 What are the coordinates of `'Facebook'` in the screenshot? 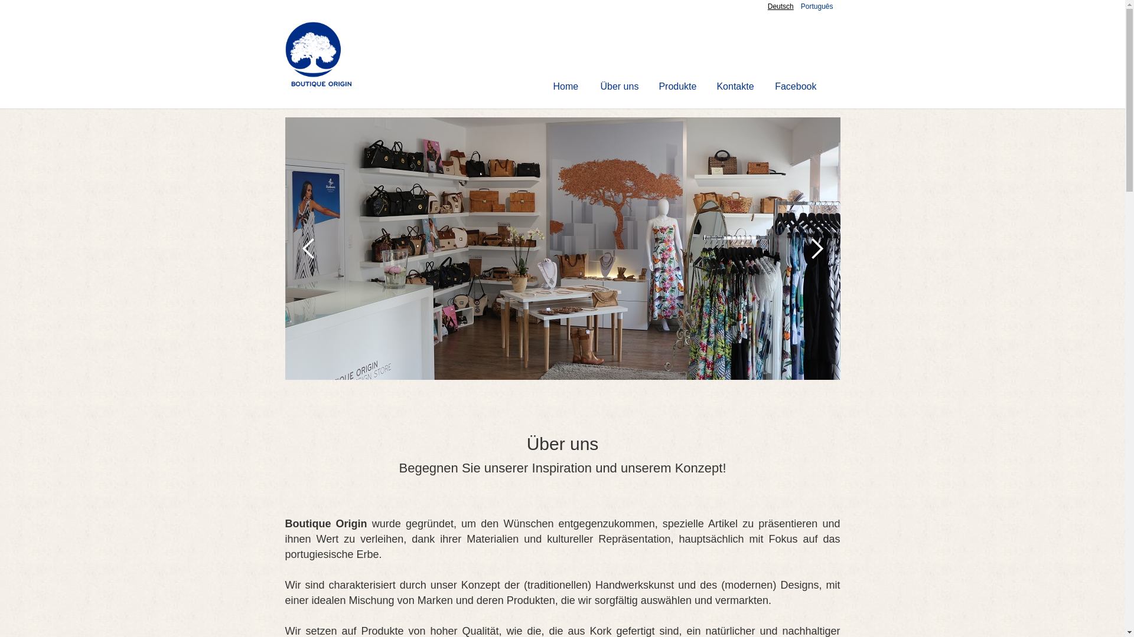 It's located at (765, 86).